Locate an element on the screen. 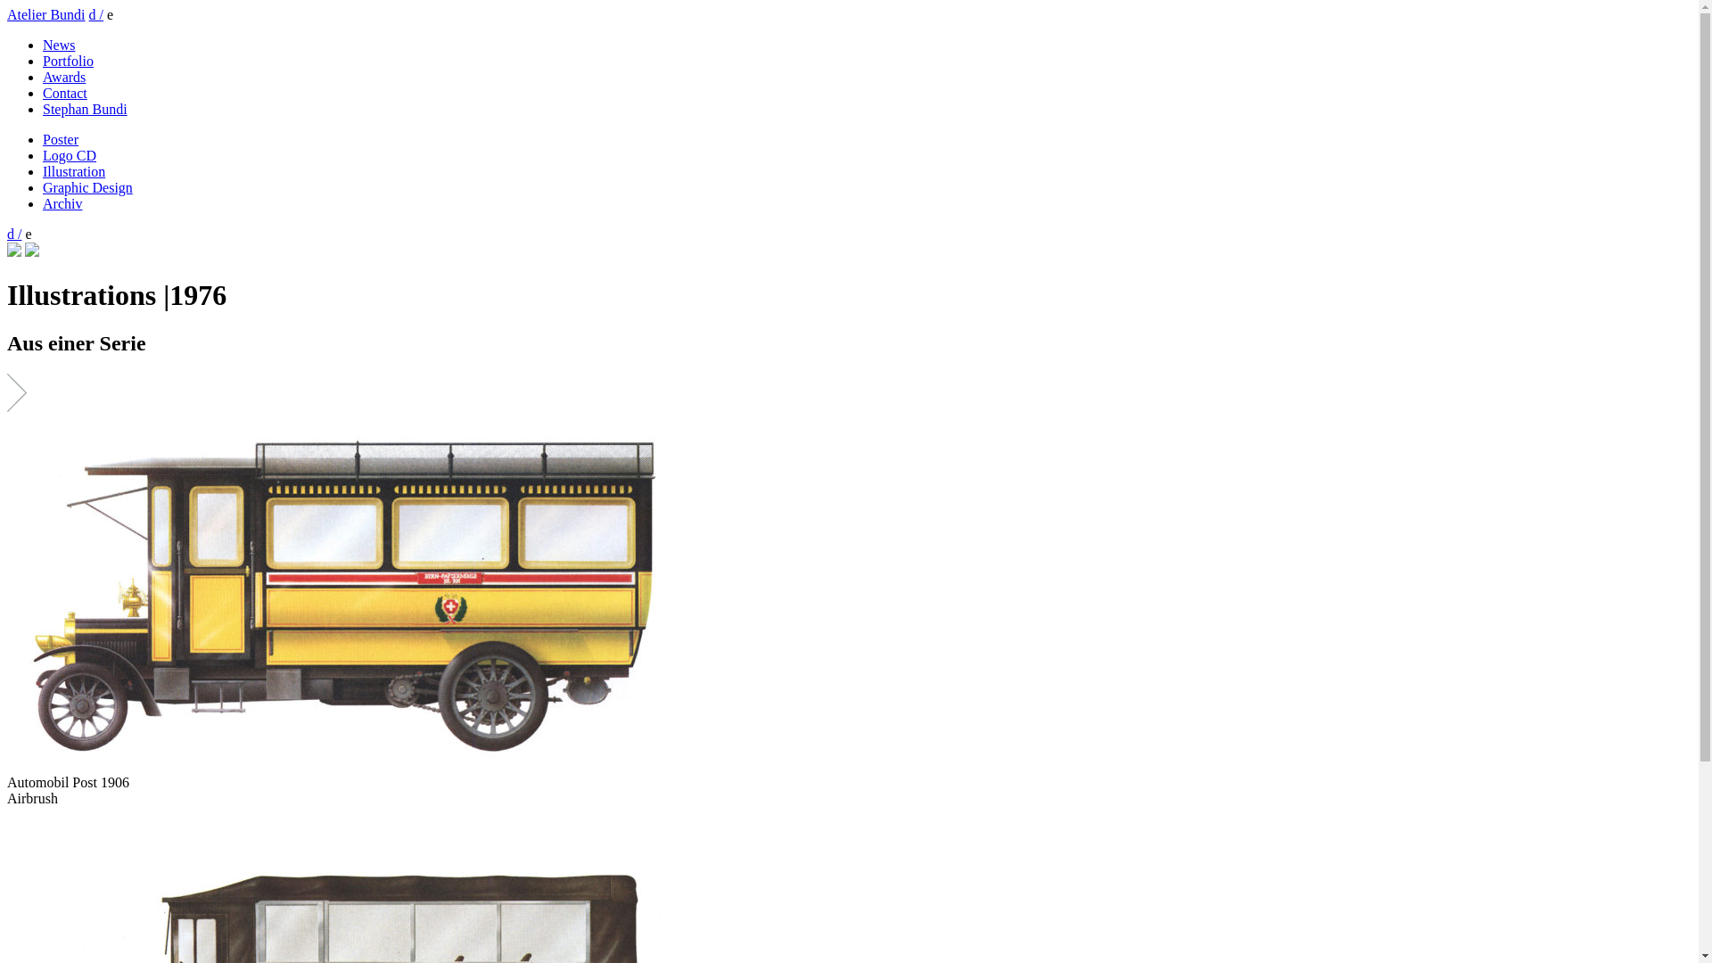 The image size is (1712, 963). 'Illustration' is located at coordinates (72, 171).